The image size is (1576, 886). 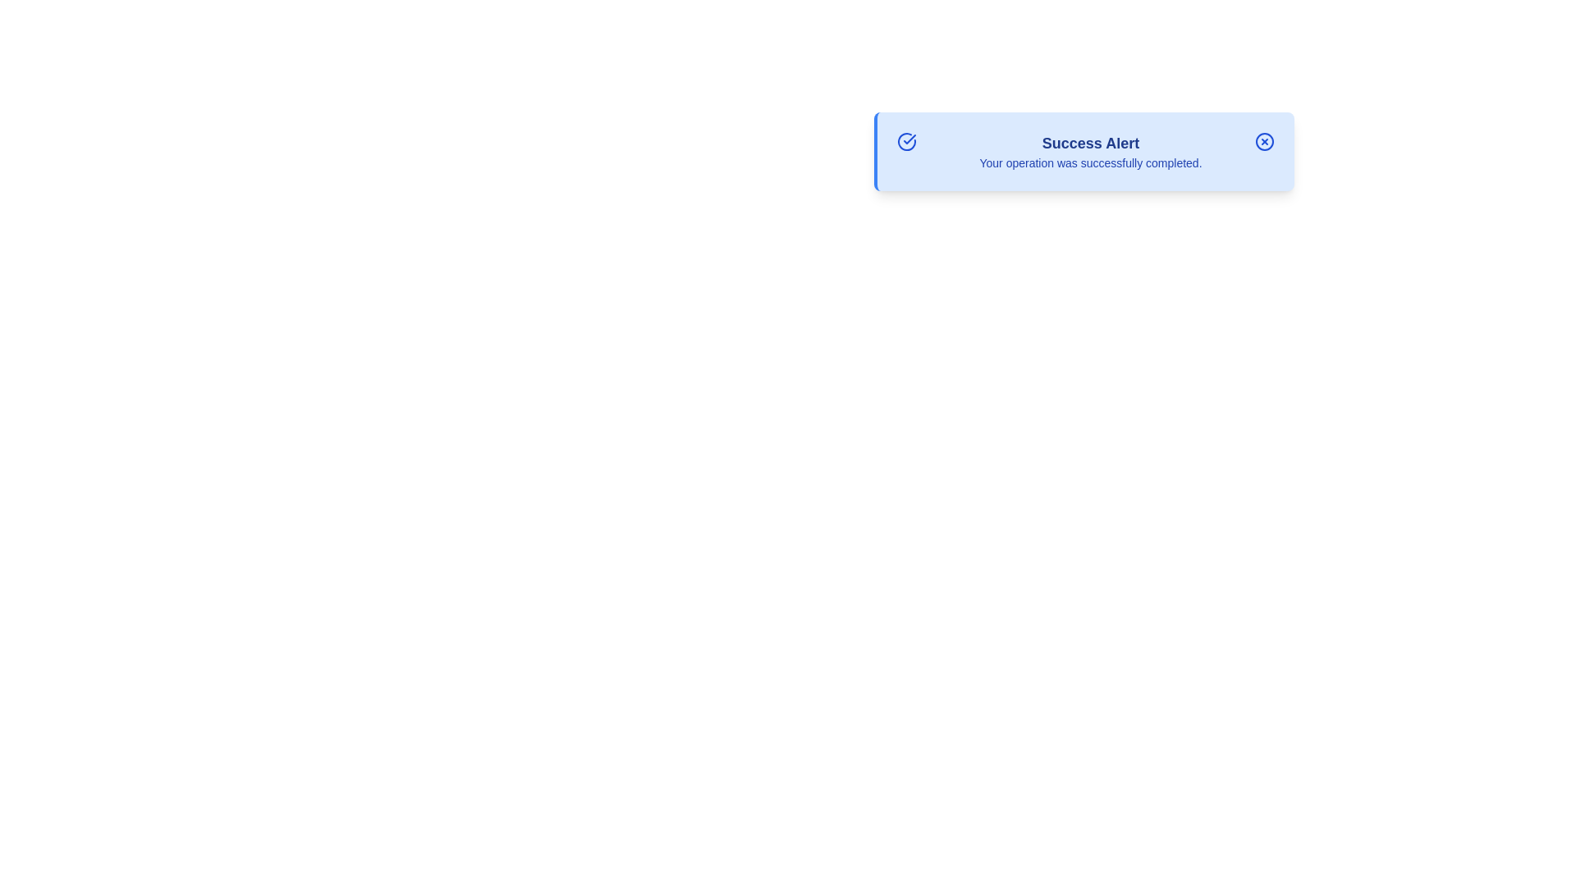 I want to click on the notification text to read the message, so click(x=1091, y=152).